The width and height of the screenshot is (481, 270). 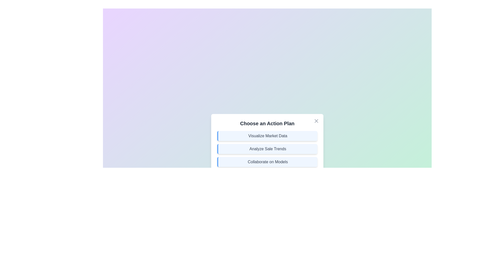 I want to click on the list item corresponding to Collaborate on Models, so click(x=267, y=162).